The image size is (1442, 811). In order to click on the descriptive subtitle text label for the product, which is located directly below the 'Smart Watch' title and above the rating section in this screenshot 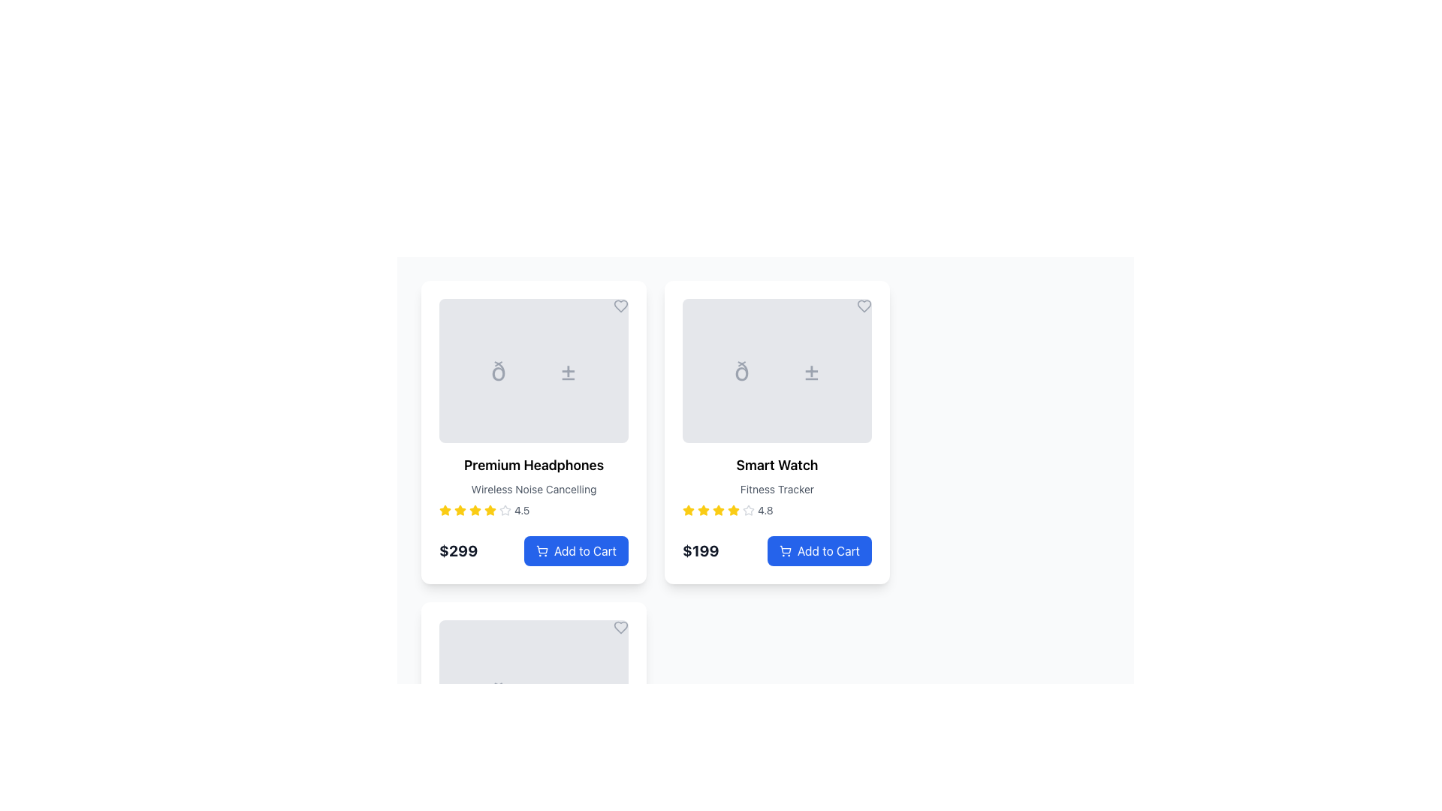, I will do `click(777, 489)`.